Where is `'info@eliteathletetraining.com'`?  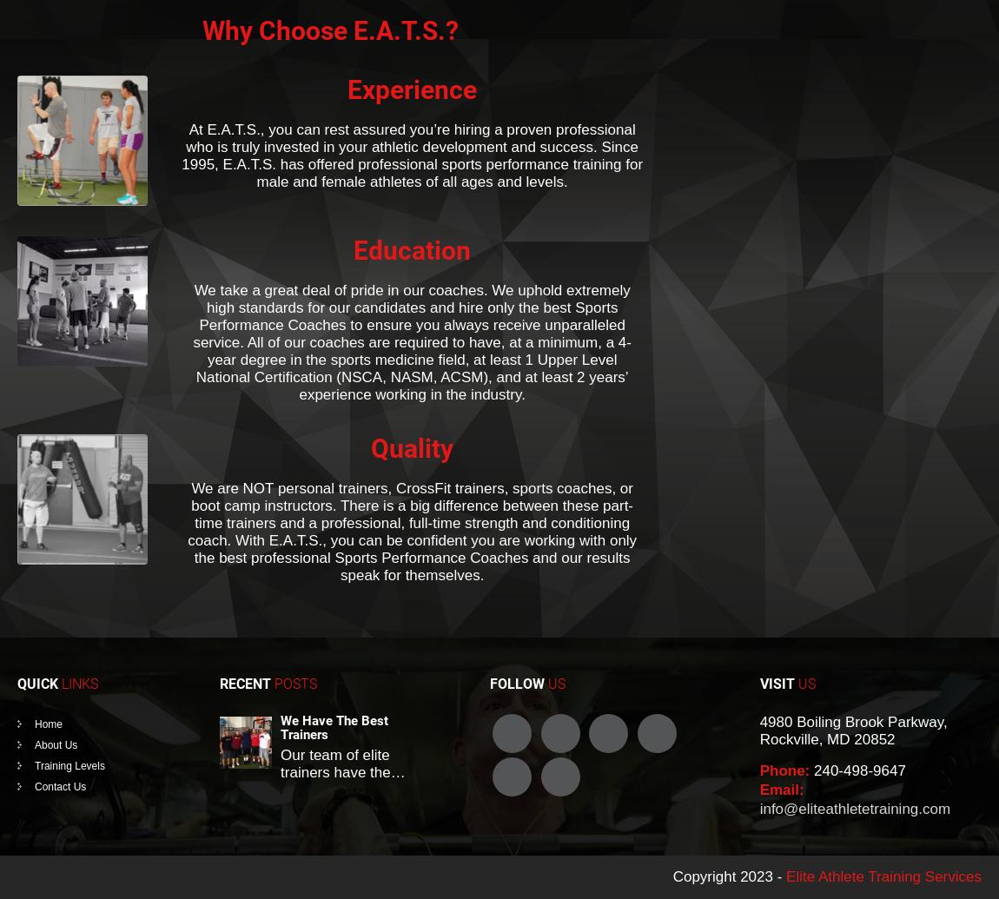
'info@eliteathletetraining.com' is located at coordinates (759, 807).